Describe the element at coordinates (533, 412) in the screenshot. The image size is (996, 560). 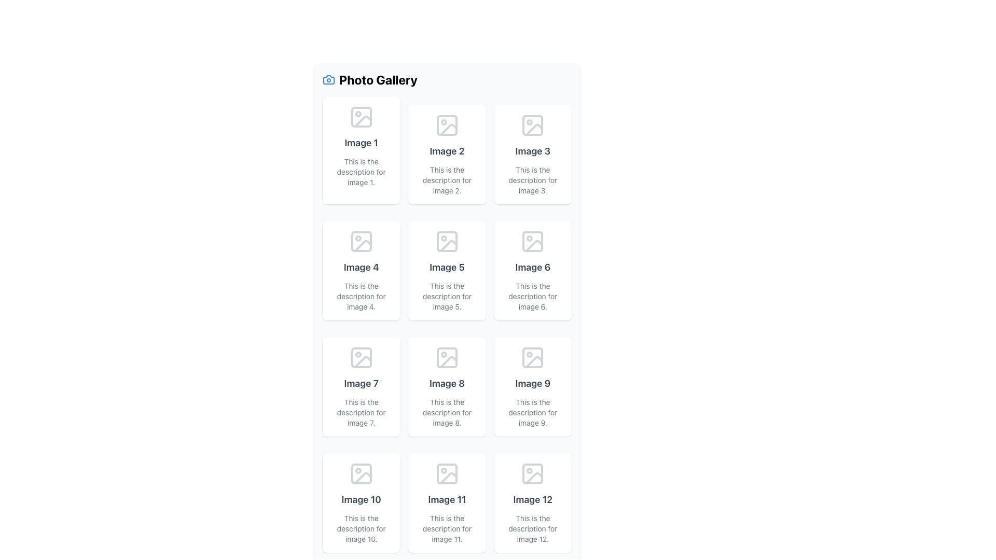
I see `the descriptive text label for 'Image 9' located in the ninth card of the photo gallery interface, positioned below the heading 'Image 9'` at that location.